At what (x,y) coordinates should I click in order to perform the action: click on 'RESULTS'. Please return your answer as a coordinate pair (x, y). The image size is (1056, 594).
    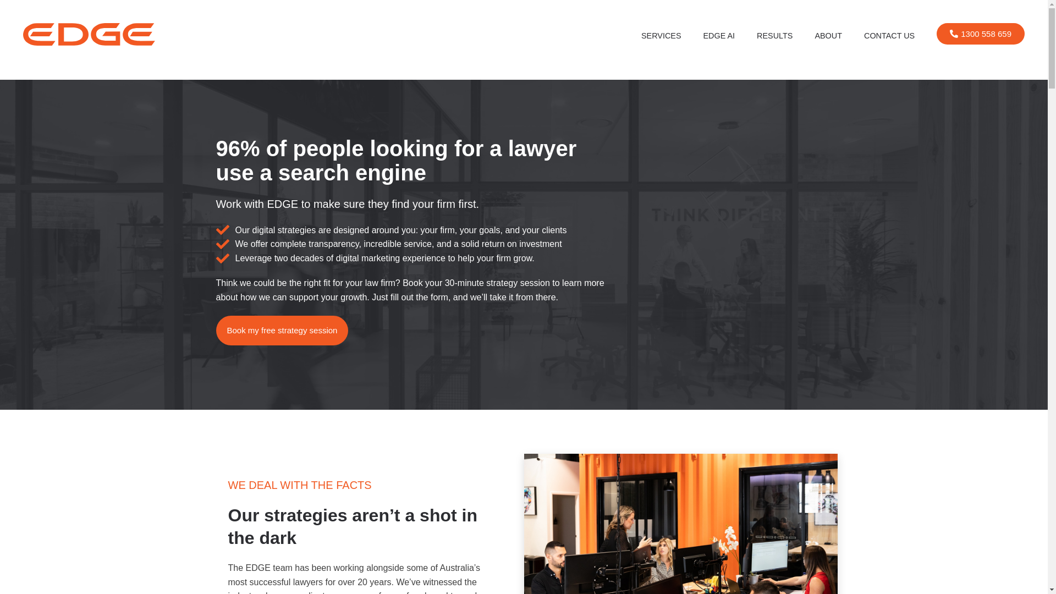
    Looking at the image, I should click on (774, 35).